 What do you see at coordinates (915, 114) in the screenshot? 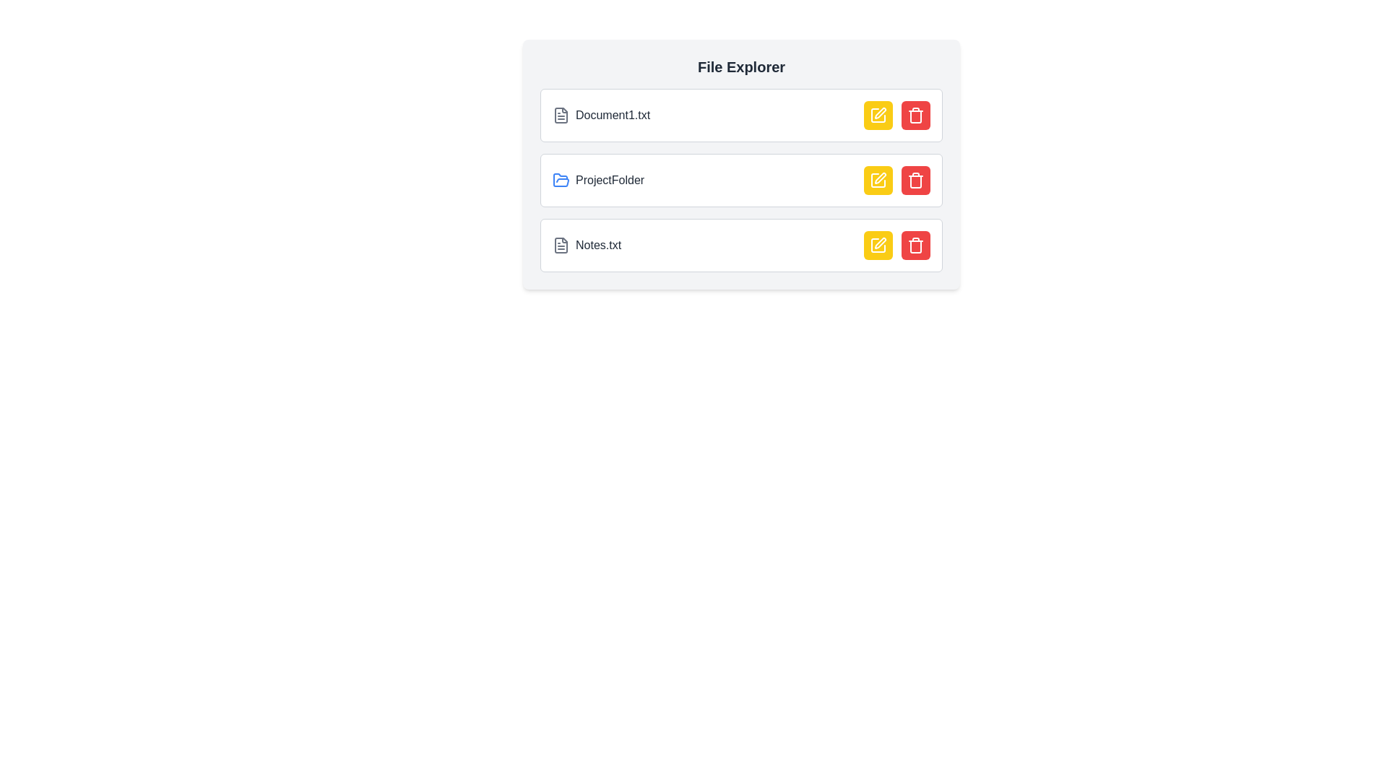
I see `the red trash can icon located on the right side of the button group labeled 'Document1.txt'` at bounding box center [915, 114].